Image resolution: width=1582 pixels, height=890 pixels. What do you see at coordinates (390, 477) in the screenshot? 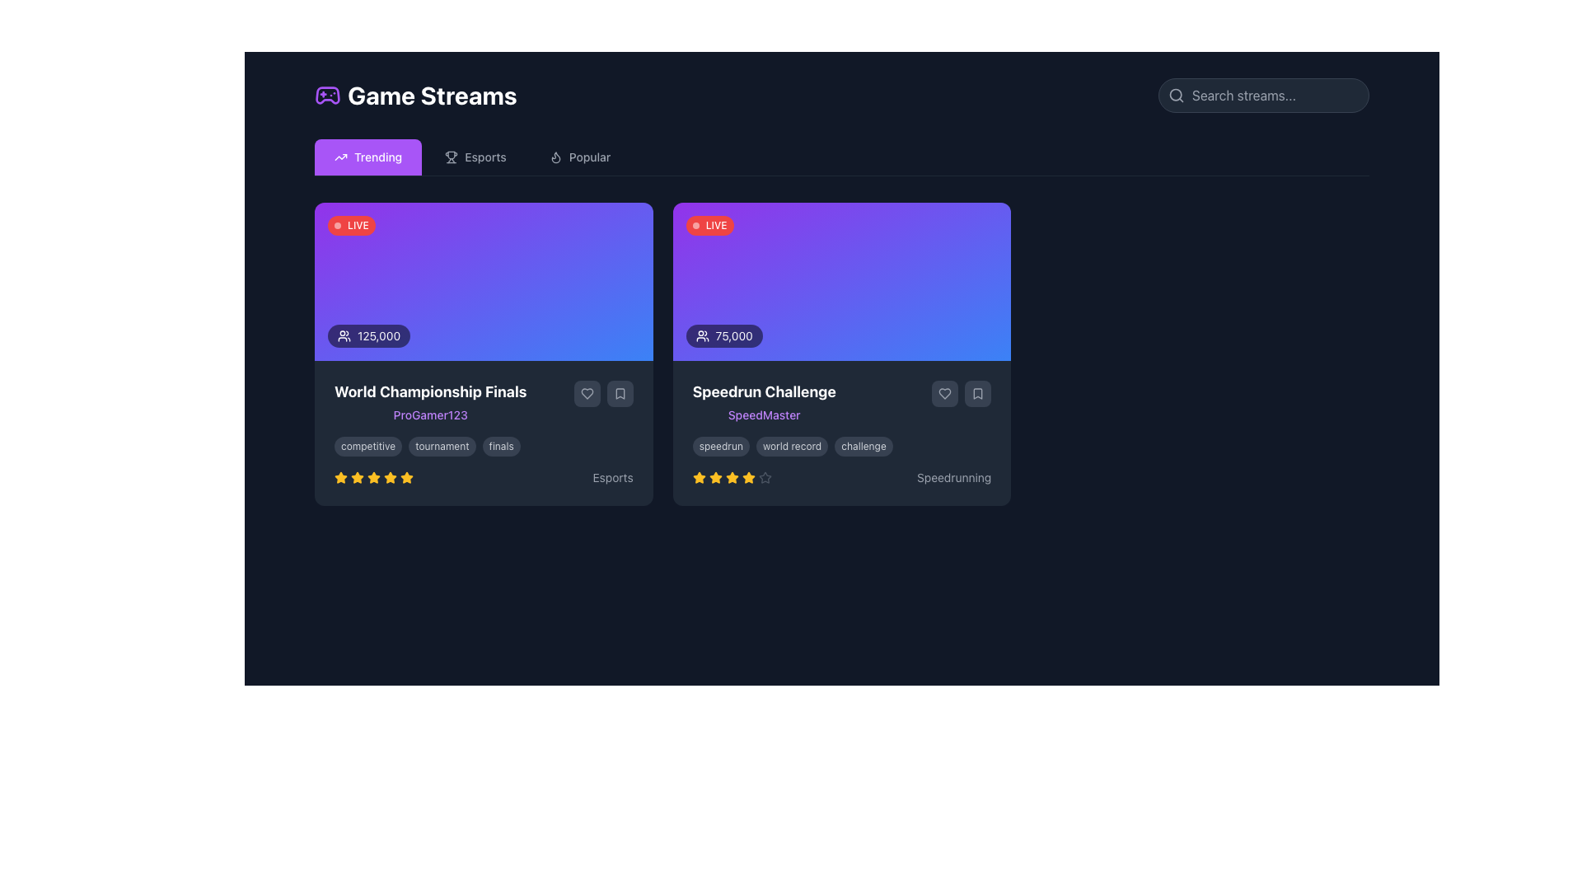
I see `the fifth star icon in the rating row of the 'World Championship Finals' card` at bounding box center [390, 477].